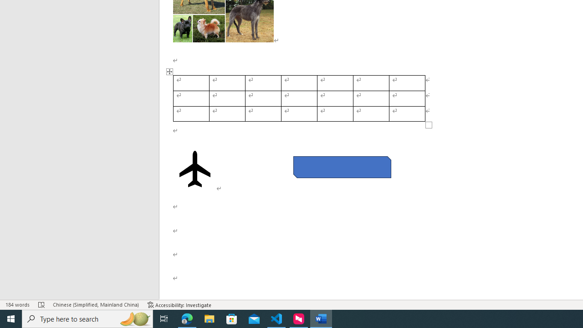 The image size is (583, 328). Describe the element at coordinates (187, 318) in the screenshot. I see `'Microsoft Edge - 1 running window'` at that location.